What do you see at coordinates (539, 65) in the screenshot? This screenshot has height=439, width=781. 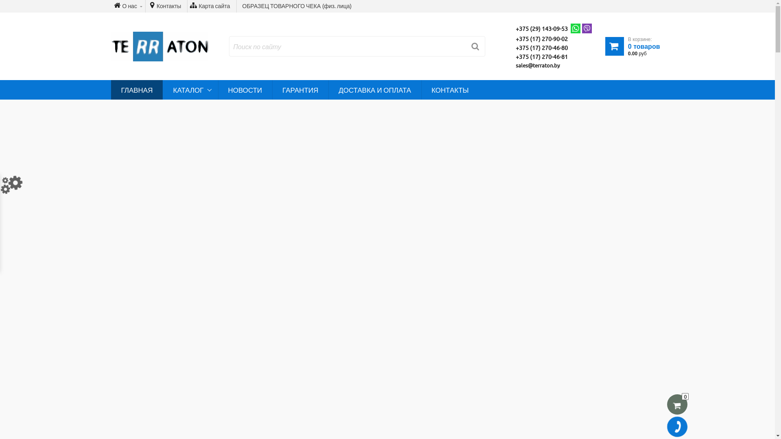 I see `'sales@terraton.by'` at bounding box center [539, 65].